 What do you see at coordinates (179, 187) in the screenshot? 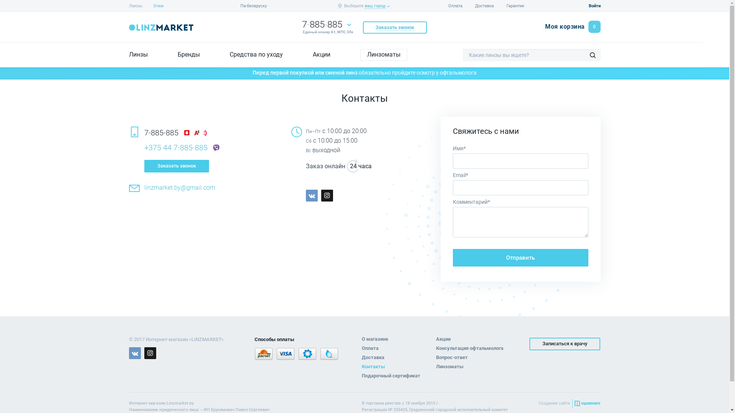
I see `'linzmarket.by@gmail.com'` at bounding box center [179, 187].